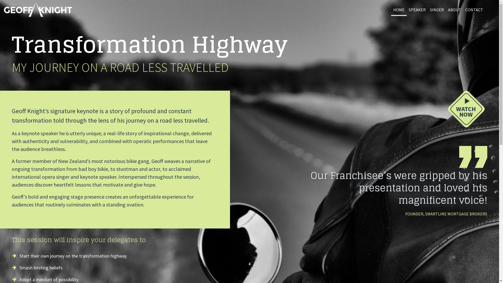  I want to click on 'HOME', so click(398, 10).